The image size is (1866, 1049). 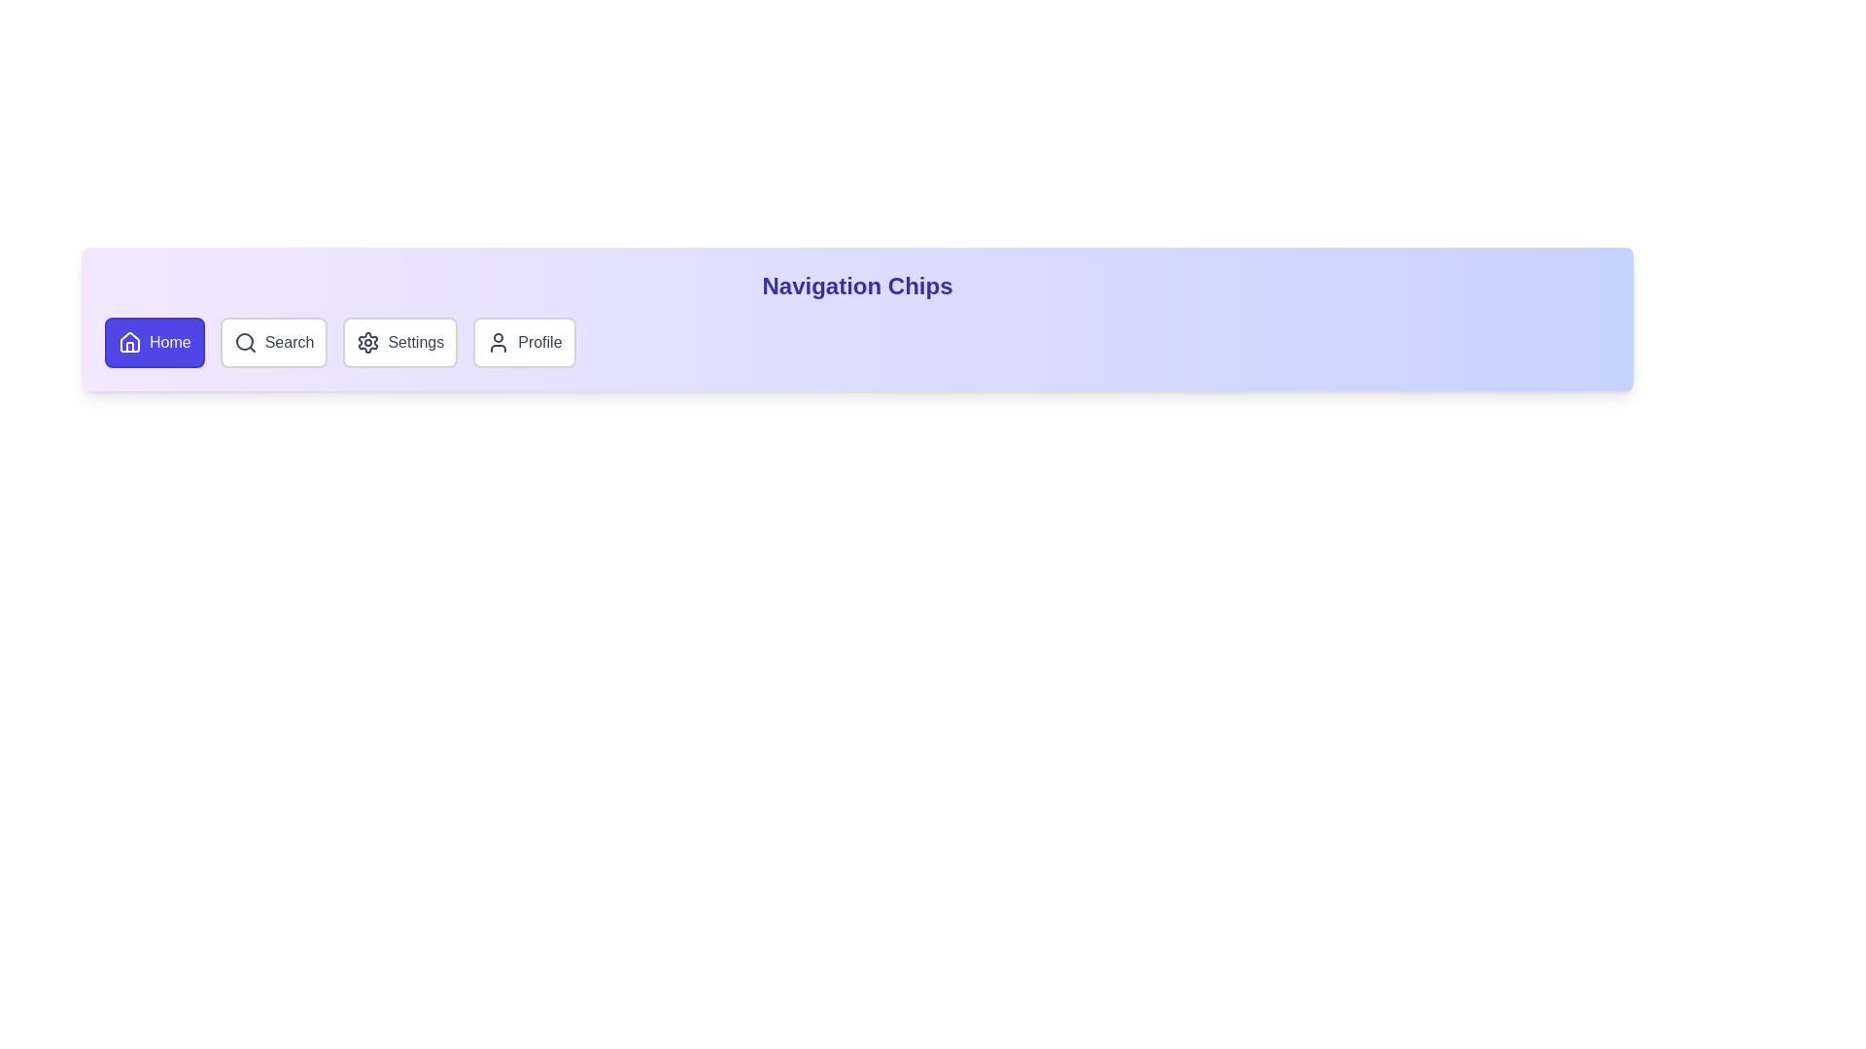 What do you see at coordinates (273, 342) in the screenshot?
I see `the Search chip to navigate to its corresponding section` at bounding box center [273, 342].